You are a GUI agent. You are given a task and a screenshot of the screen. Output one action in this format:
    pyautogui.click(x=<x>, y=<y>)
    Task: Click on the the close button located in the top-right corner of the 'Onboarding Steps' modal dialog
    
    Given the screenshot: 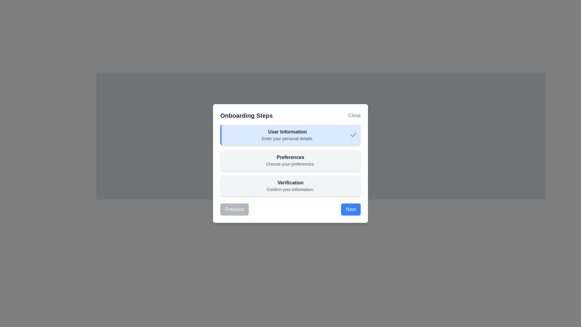 What is the action you would take?
    pyautogui.click(x=354, y=115)
    